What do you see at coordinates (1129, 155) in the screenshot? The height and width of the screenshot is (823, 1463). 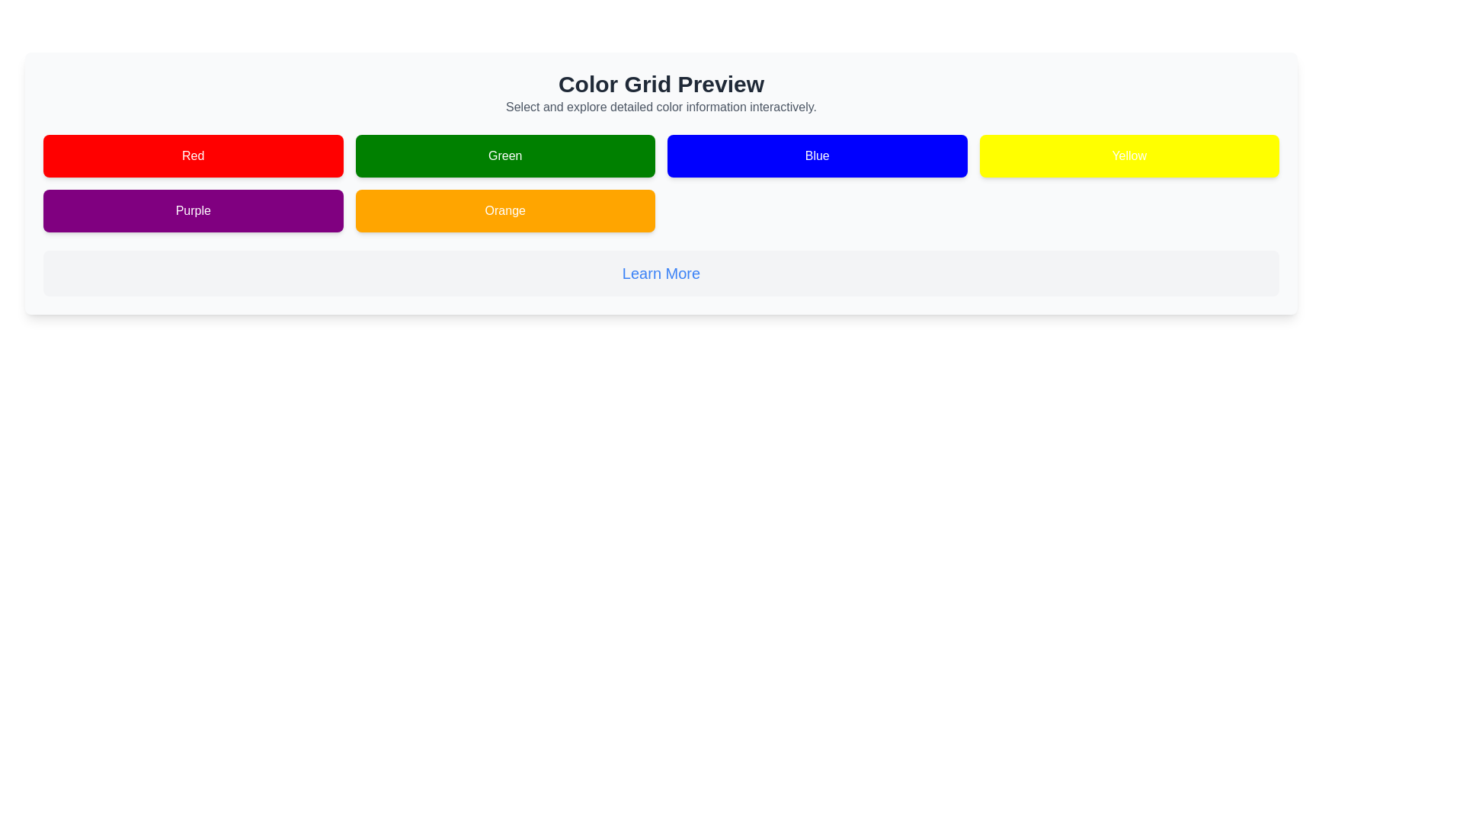 I see `the color selection button for yellow, which is the fourth button in the top row of the grid layout, positioned to the right of the 'Blue' button` at bounding box center [1129, 155].